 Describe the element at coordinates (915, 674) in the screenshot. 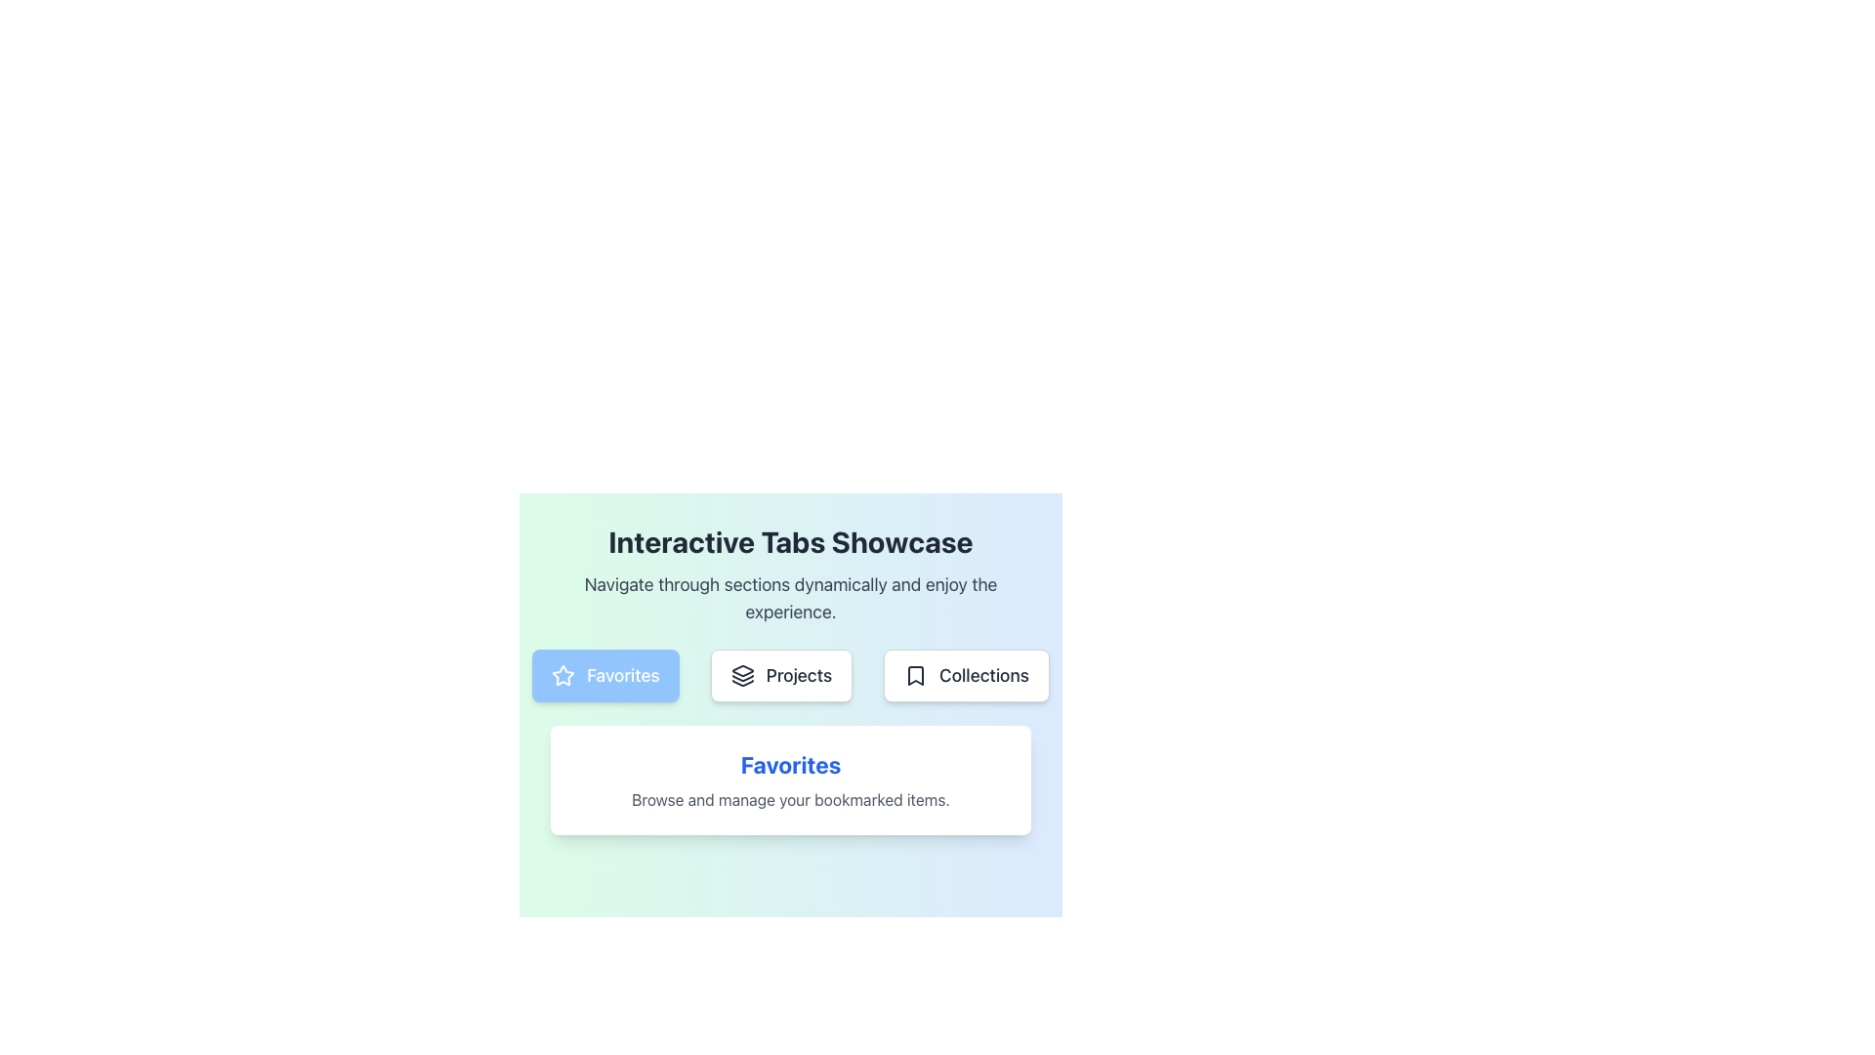

I see `the 'Collections' icon which serves as a visual indicator for the corresponding section in the interface` at that location.